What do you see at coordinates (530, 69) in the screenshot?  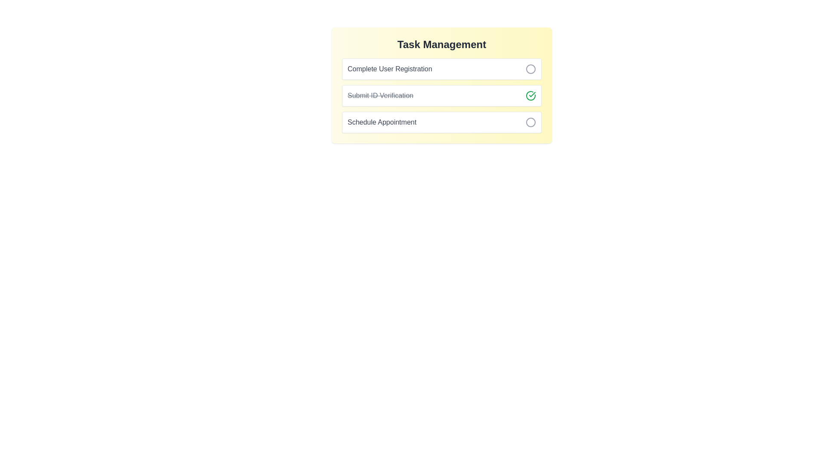 I see `the SVG circle graphic that indicates the status of 'Complete User Registration', positioned at the right end of the first list item in the task management list` at bounding box center [530, 69].